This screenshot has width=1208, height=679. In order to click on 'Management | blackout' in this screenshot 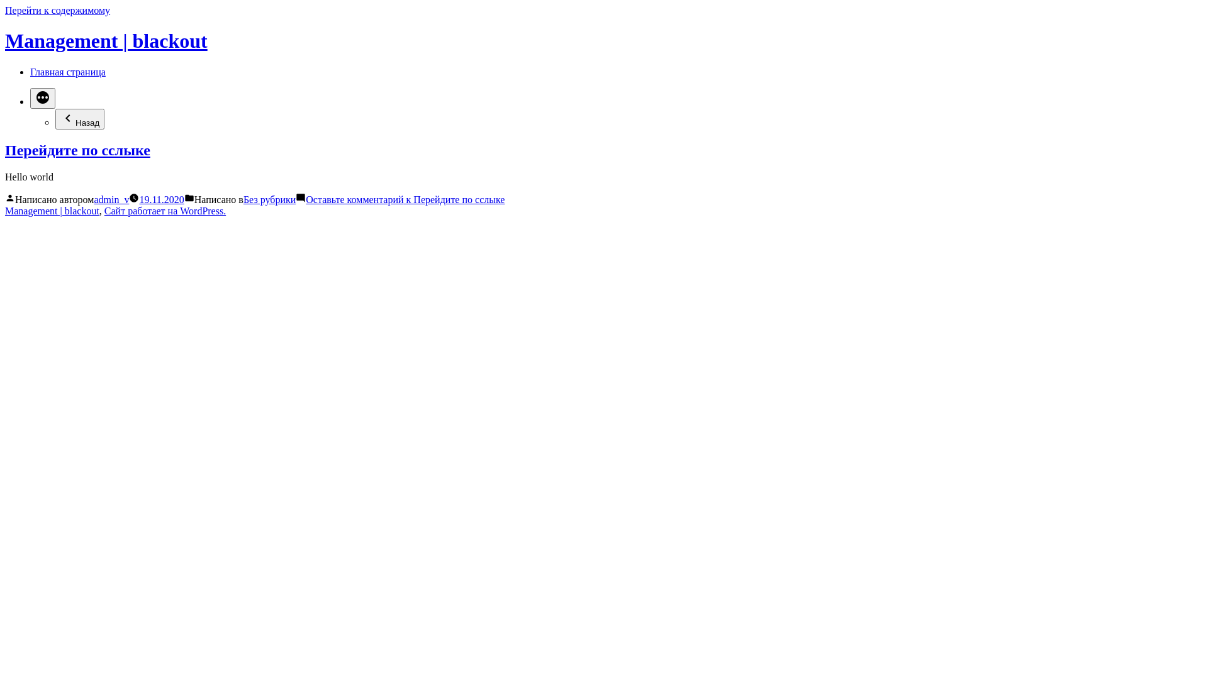, I will do `click(106, 40)`.